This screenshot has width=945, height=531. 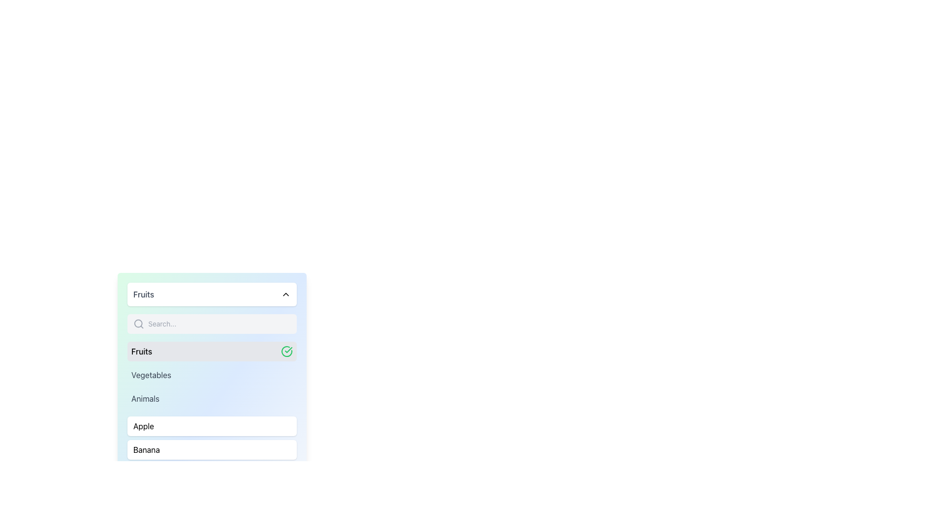 I want to click on the circular icon resembling a magnifying glass located next to the search bar area, so click(x=138, y=324).